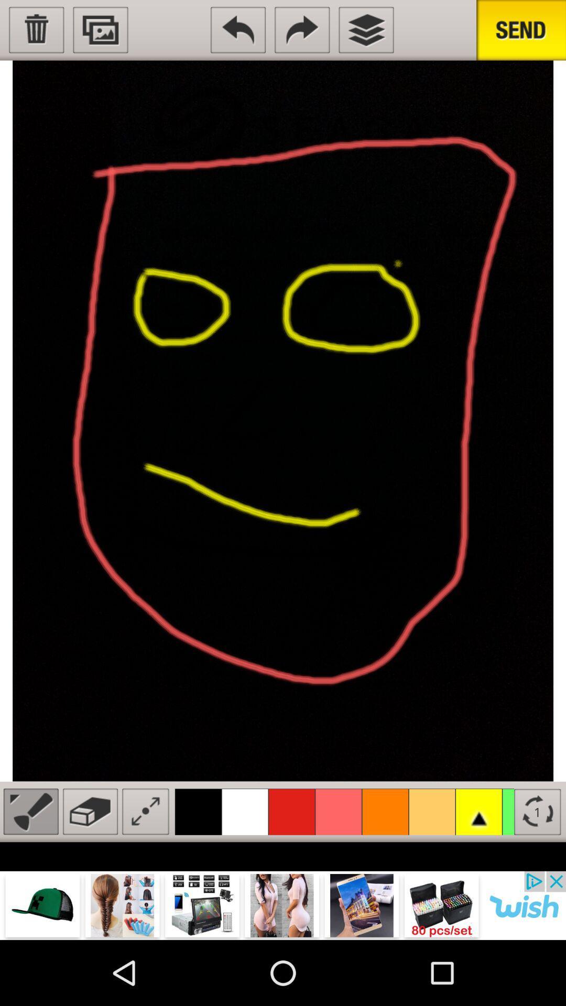 This screenshot has height=1006, width=566. What do you see at coordinates (145, 811) in the screenshot?
I see `expand image button` at bounding box center [145, 811].